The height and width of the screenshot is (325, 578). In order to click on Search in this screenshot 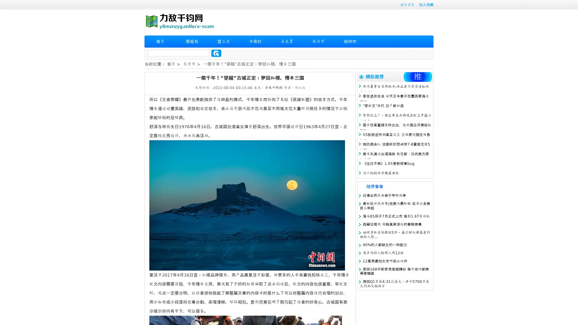, I will do `click(216, 53)`.